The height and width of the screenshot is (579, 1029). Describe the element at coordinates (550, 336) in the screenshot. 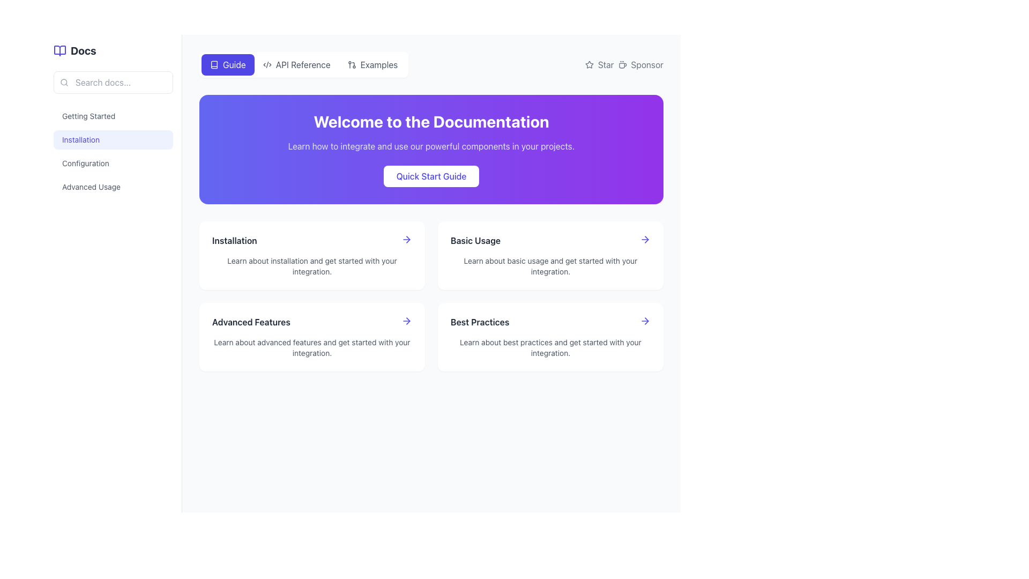

I see `the 'Best Practices' informational card located at the bottom-right of the grid layout` at that location.